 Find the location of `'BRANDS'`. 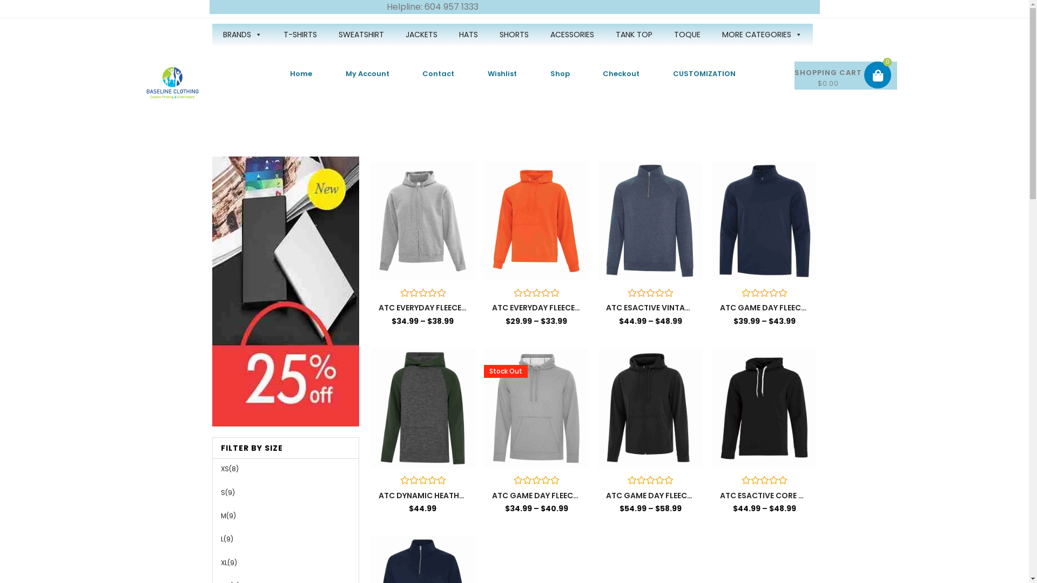

'BRANDS' is located at coordinates (241, 34).